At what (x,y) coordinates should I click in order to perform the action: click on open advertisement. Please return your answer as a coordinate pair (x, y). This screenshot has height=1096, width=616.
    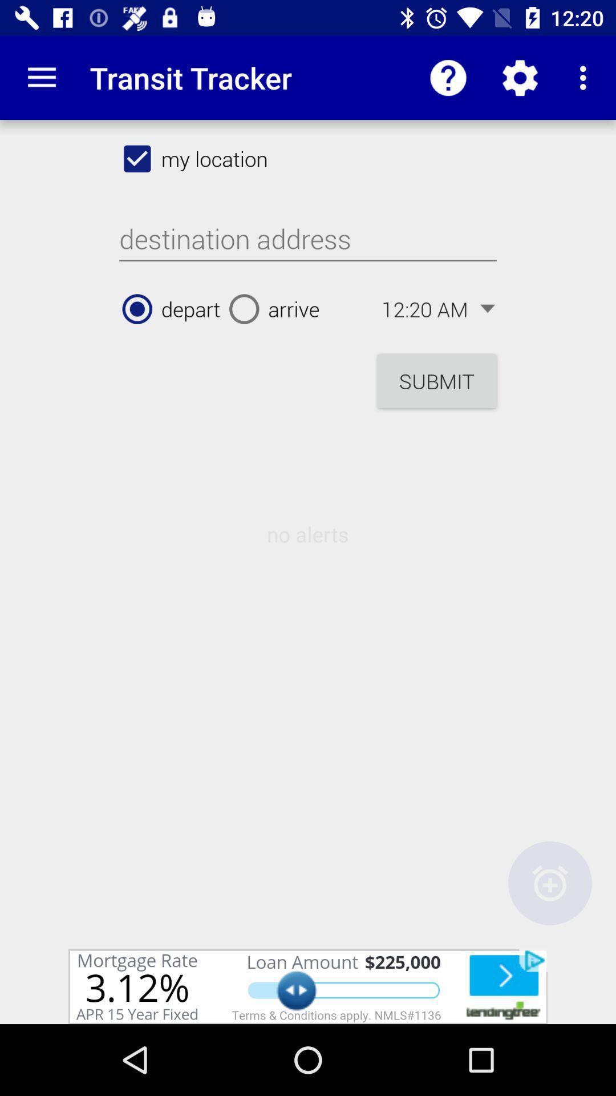
    Looking at the image, I should click on (308, 986).